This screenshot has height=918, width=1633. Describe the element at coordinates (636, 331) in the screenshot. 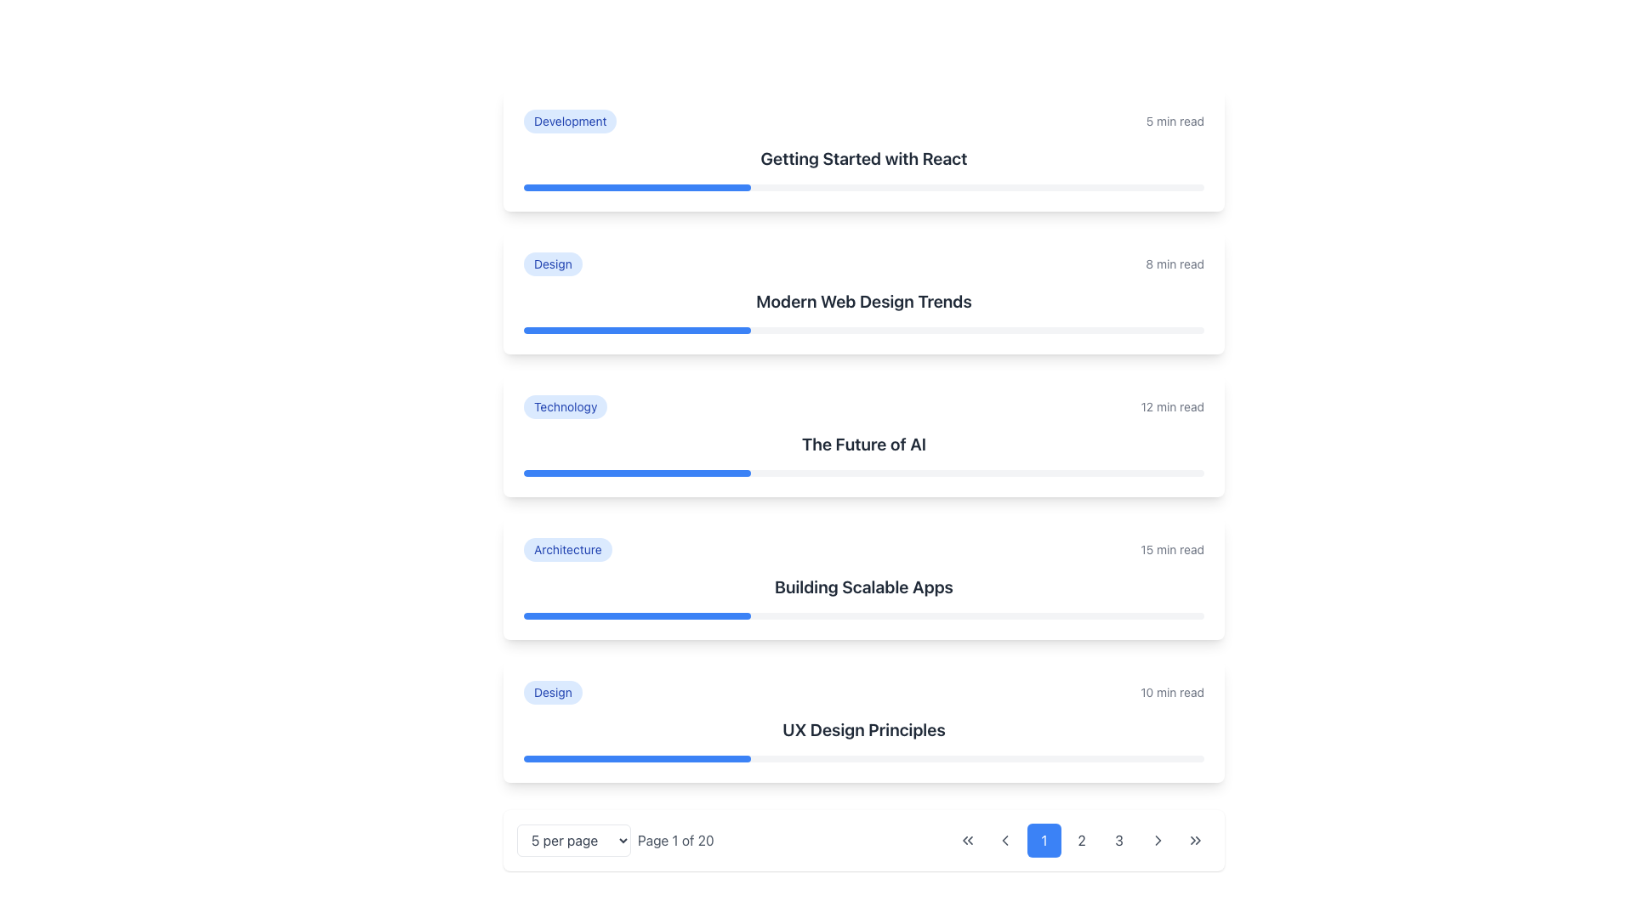

I see `the visual state of the filled part of the progress bar indicating progress for the 'Modern Web Design Trends' section` at that location.